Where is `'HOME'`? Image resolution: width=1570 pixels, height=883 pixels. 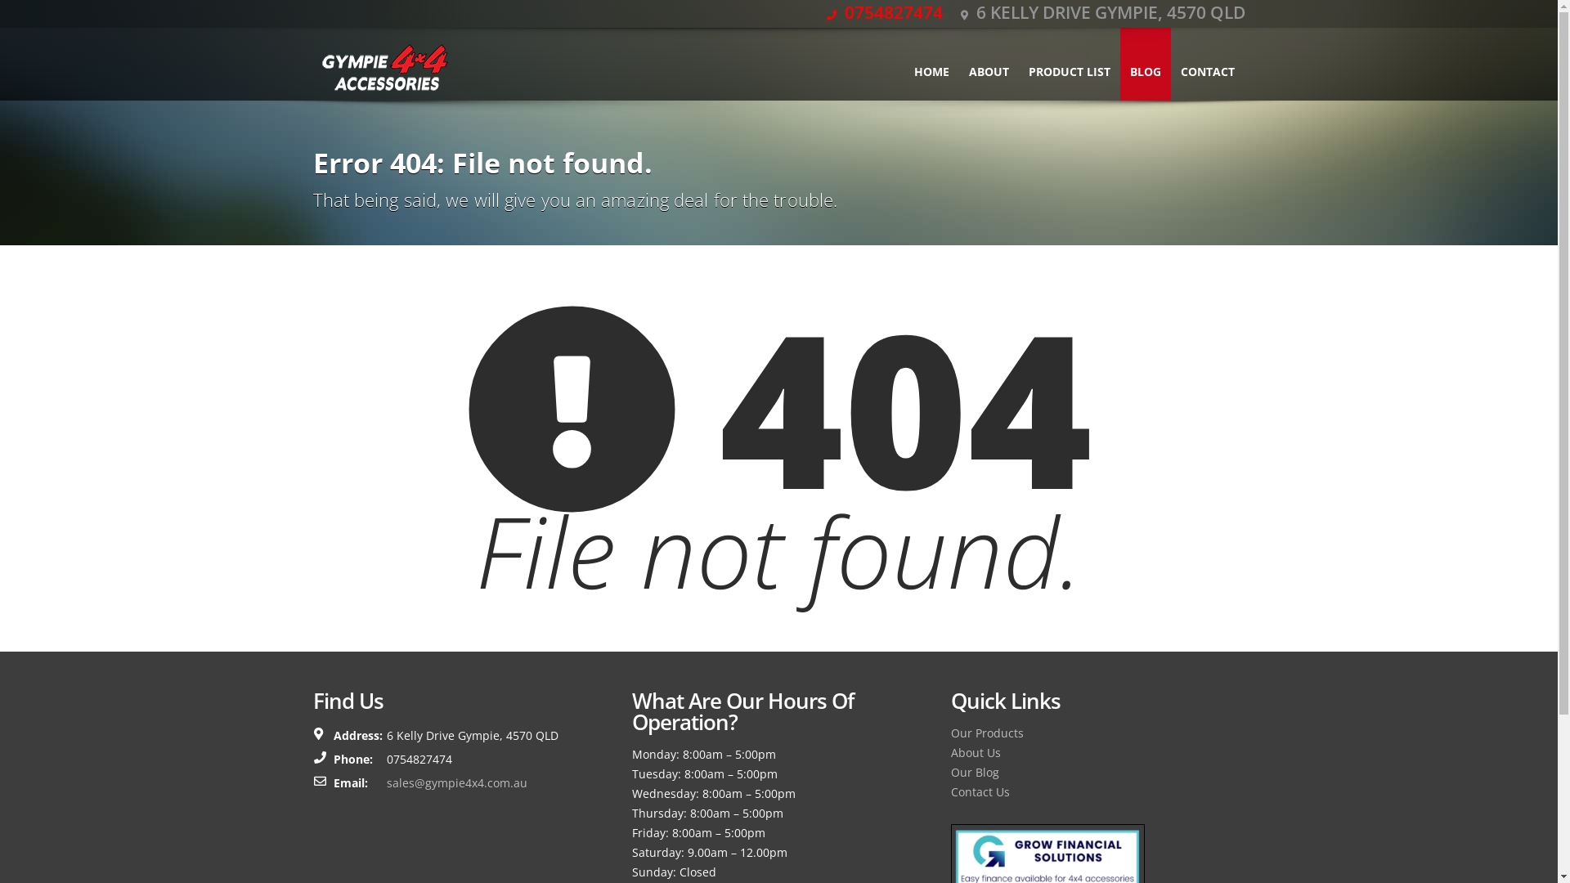 'HOME' is located at coordinates (931, 63).